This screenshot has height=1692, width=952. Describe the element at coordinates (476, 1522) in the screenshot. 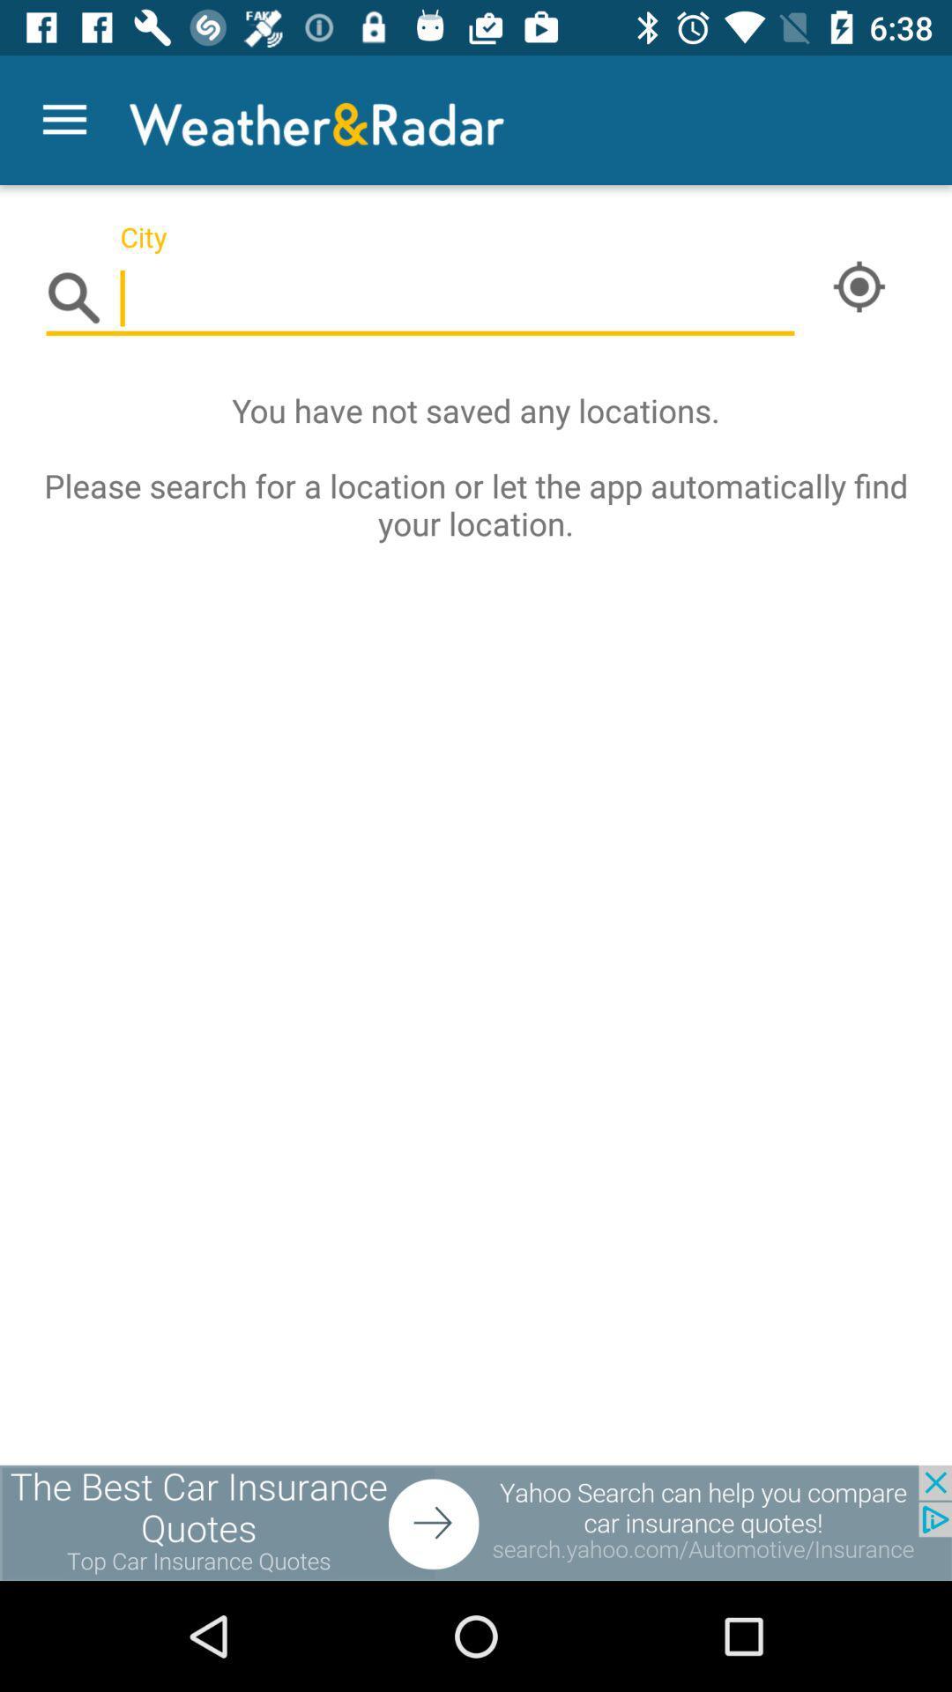

I see `advertisement page` at that location.